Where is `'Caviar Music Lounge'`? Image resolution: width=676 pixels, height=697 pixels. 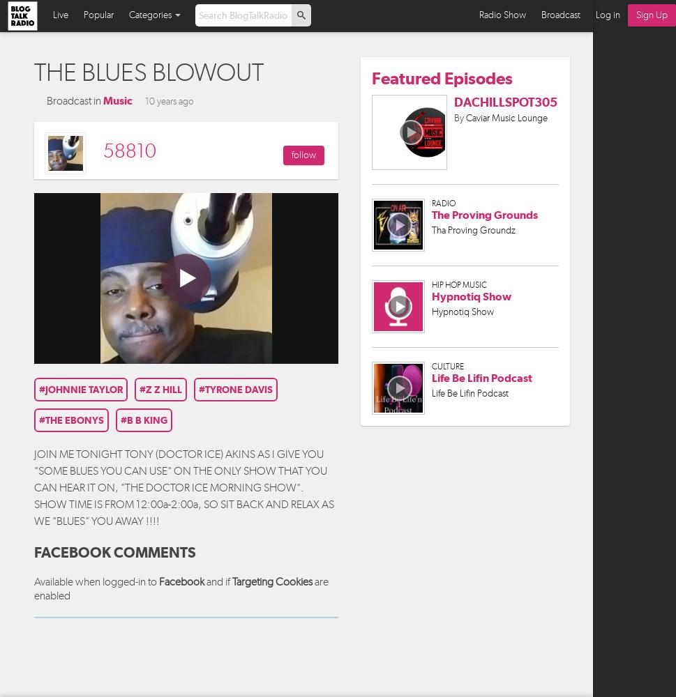 'Caviar Music Lounge' is located at coordinates (506, 117).